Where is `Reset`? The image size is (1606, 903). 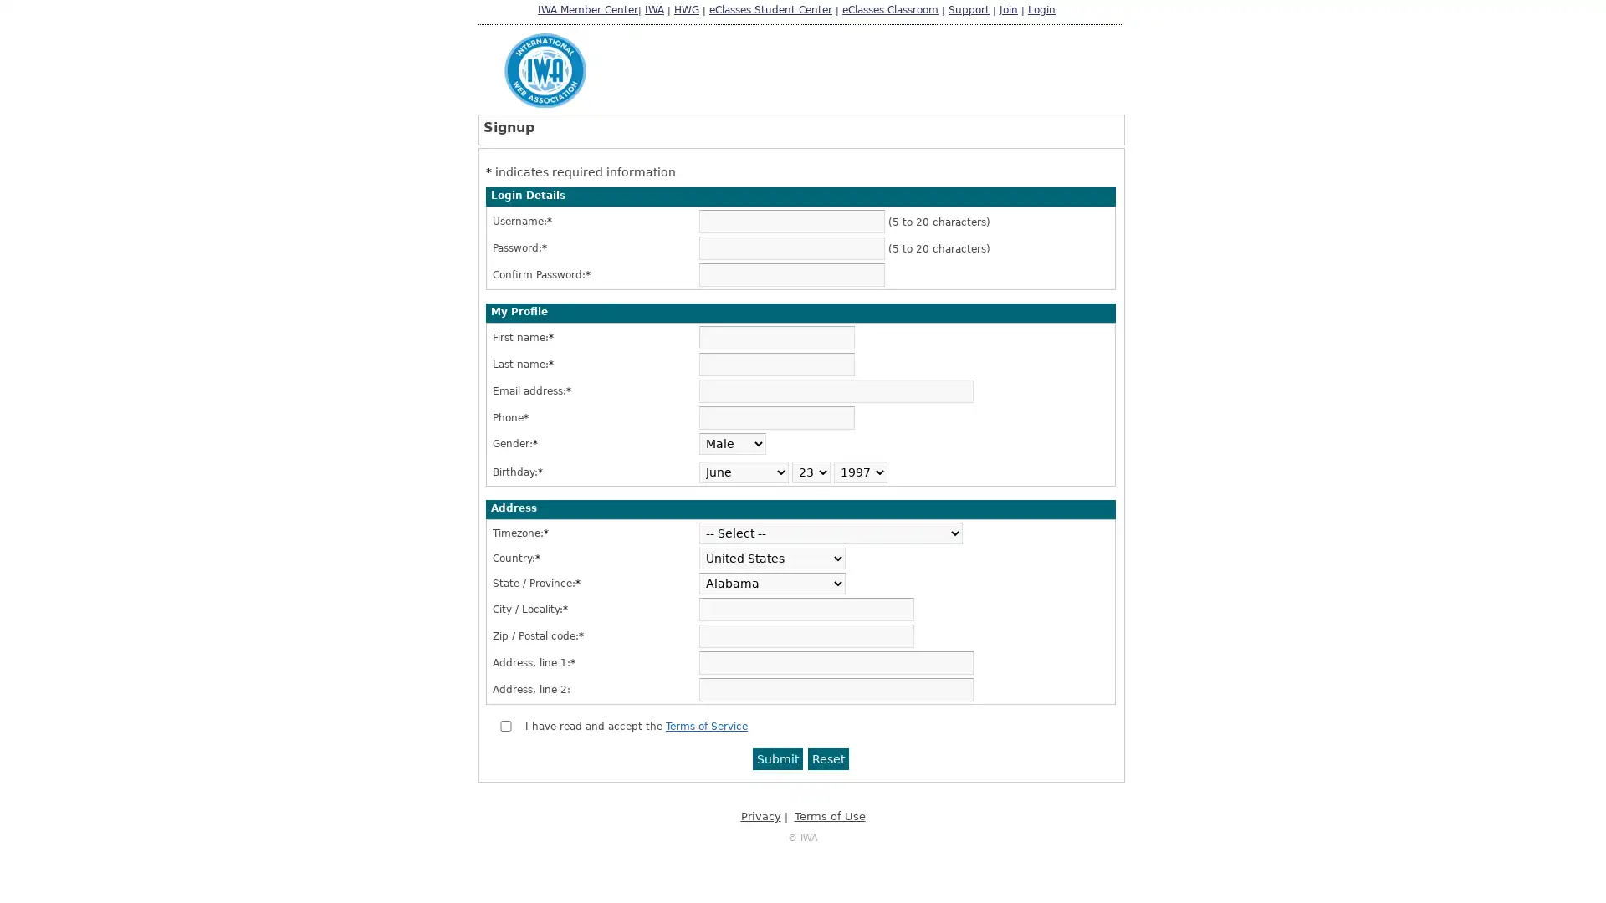
Reset is located at coordinates (828, 758).